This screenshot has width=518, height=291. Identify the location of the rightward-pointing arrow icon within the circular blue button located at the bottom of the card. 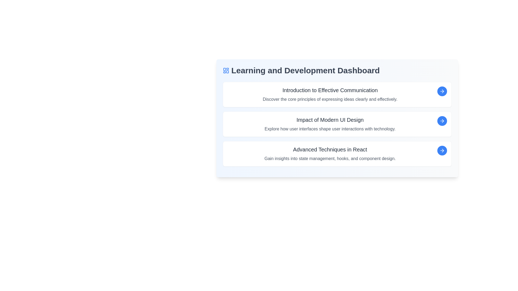
(442, 151).